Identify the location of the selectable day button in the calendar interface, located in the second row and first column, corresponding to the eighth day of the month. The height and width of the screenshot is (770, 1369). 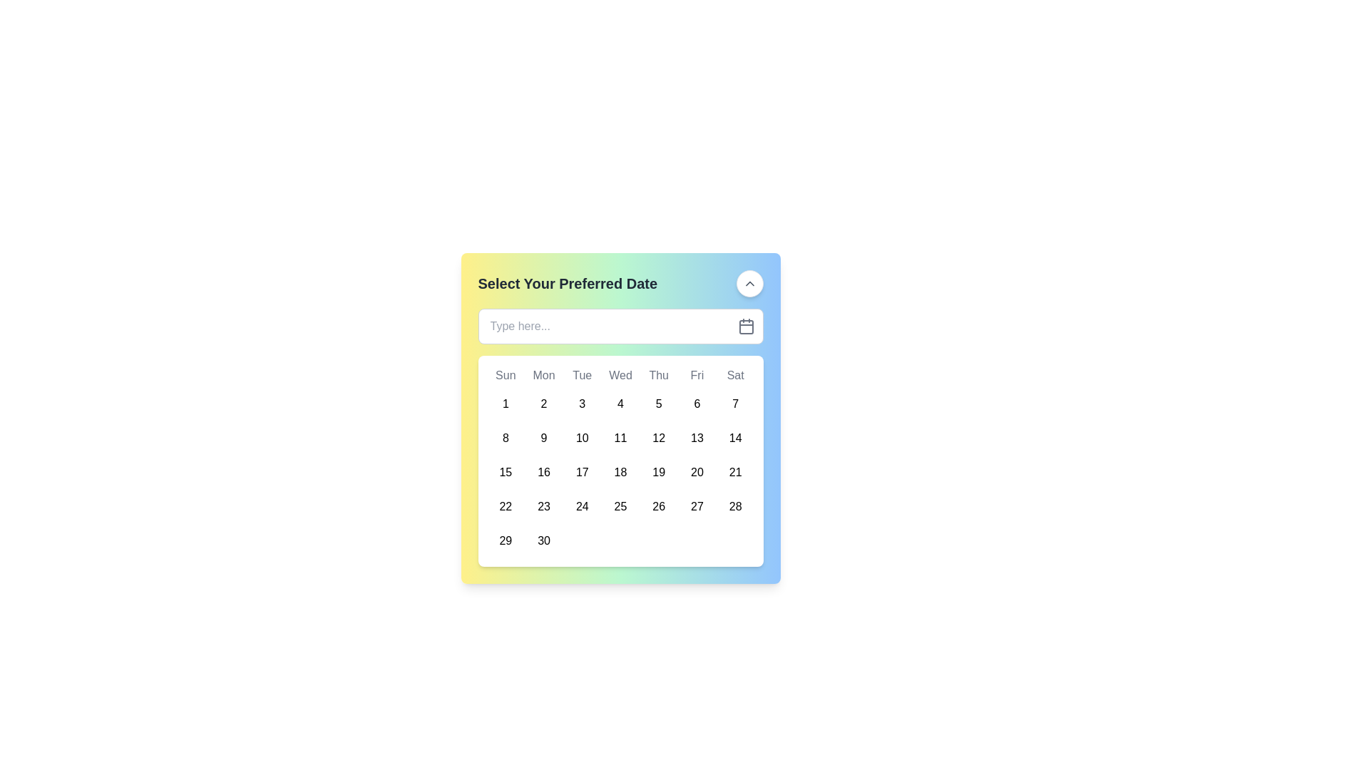
(506, 437).